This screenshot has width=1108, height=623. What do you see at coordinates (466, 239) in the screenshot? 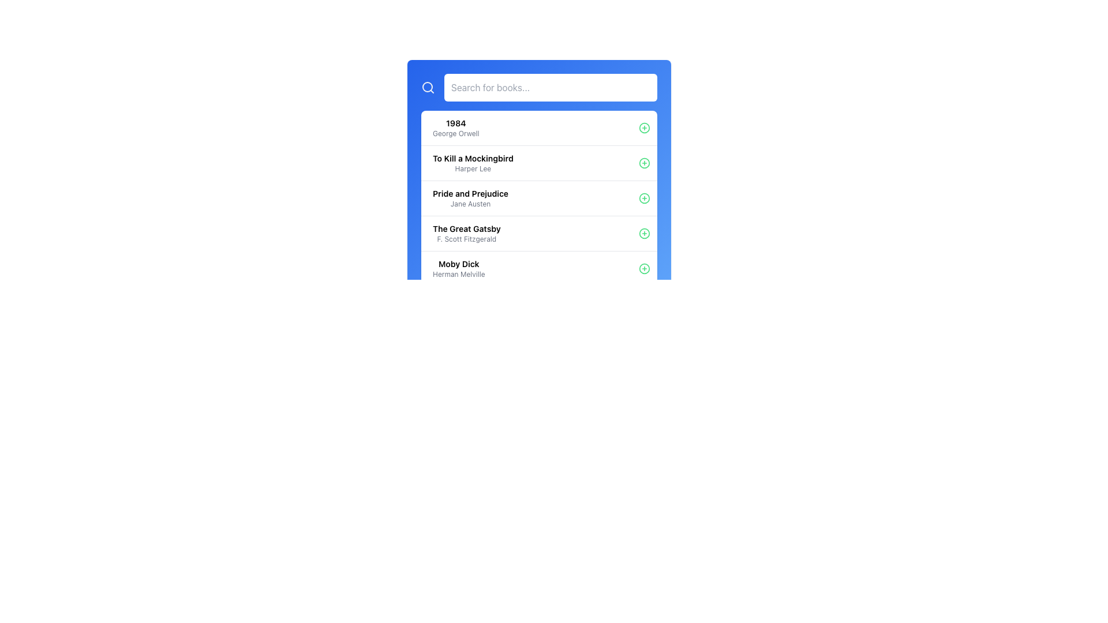
I see `the text label displaying 'F. Scott Fitzgerald', which is located below the title 'The Great Gatsby' in a list-style layout` at bounding box center [466, 239].